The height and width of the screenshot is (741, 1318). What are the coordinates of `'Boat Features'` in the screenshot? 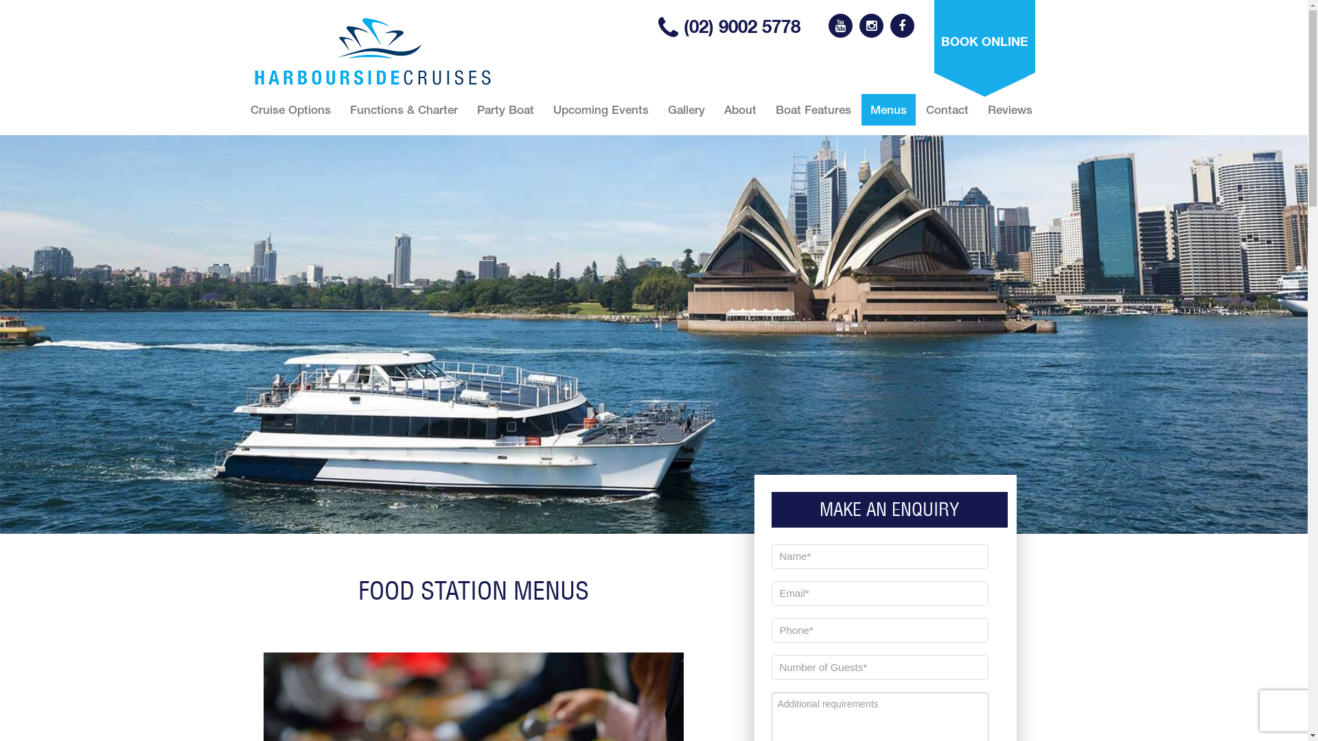 It's located at (813, 108).